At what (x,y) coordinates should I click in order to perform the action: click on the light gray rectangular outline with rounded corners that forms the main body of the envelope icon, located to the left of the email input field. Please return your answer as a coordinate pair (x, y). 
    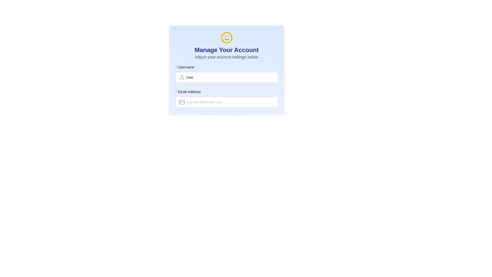
    Looking at the image, I should click on (182, 102).